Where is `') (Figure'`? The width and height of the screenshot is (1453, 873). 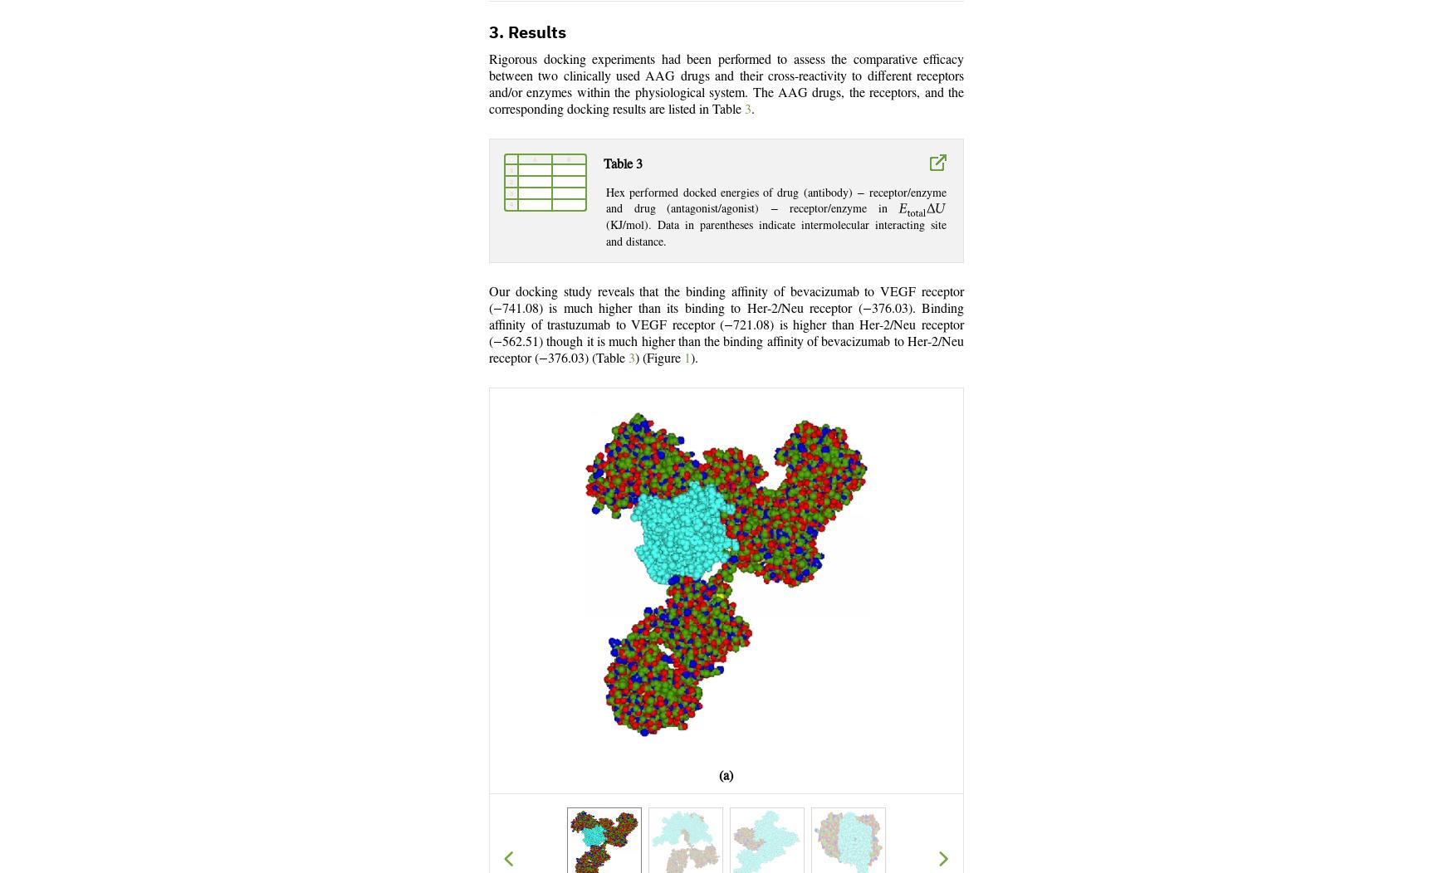 ') (Figure' is located at coordinates (658, 357).